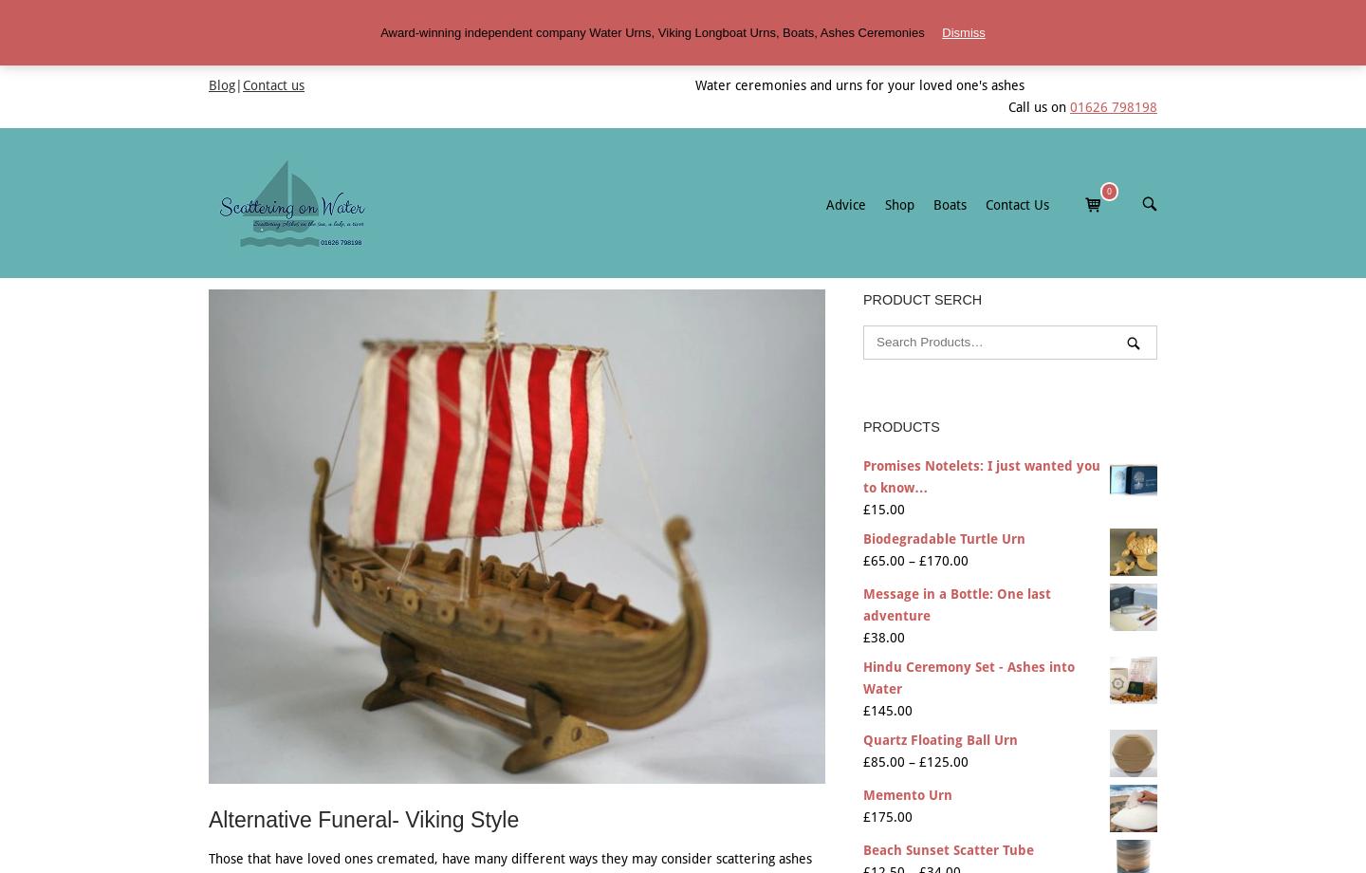  Describe the element at coordinates (1129, 281) in the screenshot. I see `'Family Group (10-20 People)'` at that location.